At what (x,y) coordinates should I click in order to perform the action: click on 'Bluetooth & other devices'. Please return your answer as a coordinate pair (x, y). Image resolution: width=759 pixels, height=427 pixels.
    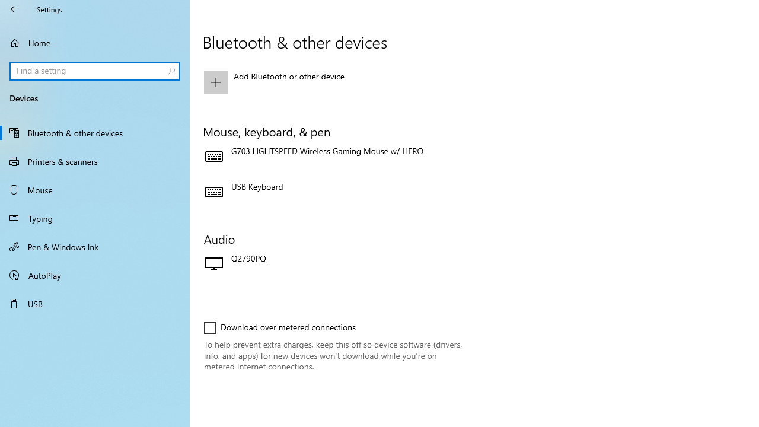
    Looking at the image, I should click on (95, 132).